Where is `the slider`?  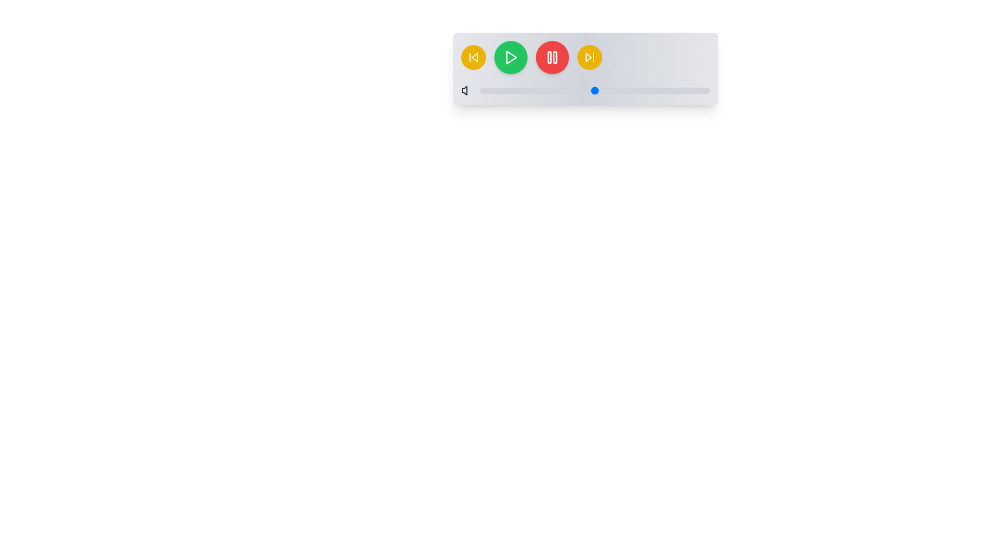
the slider is located at coordinates (601, 90).